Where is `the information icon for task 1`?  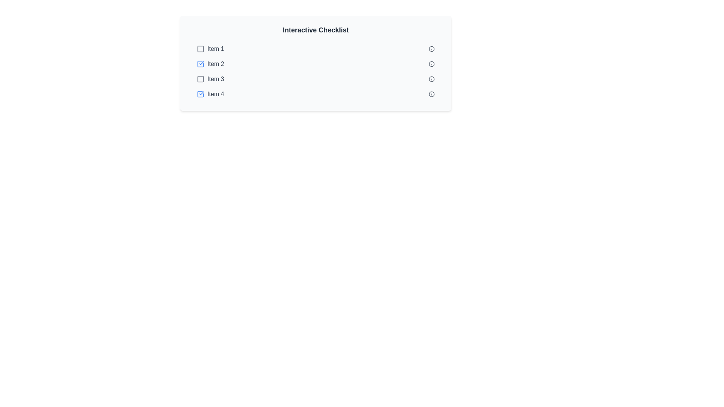 the information icon for task 1 is located at coordinates (432, 49).